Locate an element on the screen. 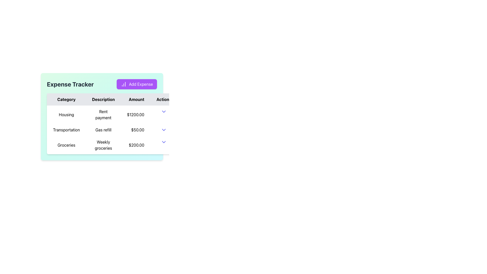 This screenshot has height=274, width=487. the indigo-colored dropdown toggle icon in the 'Action' column of the last row, which indicates a dropdown menu for 'Weekly groceries' is located at coordinates (164, 142).